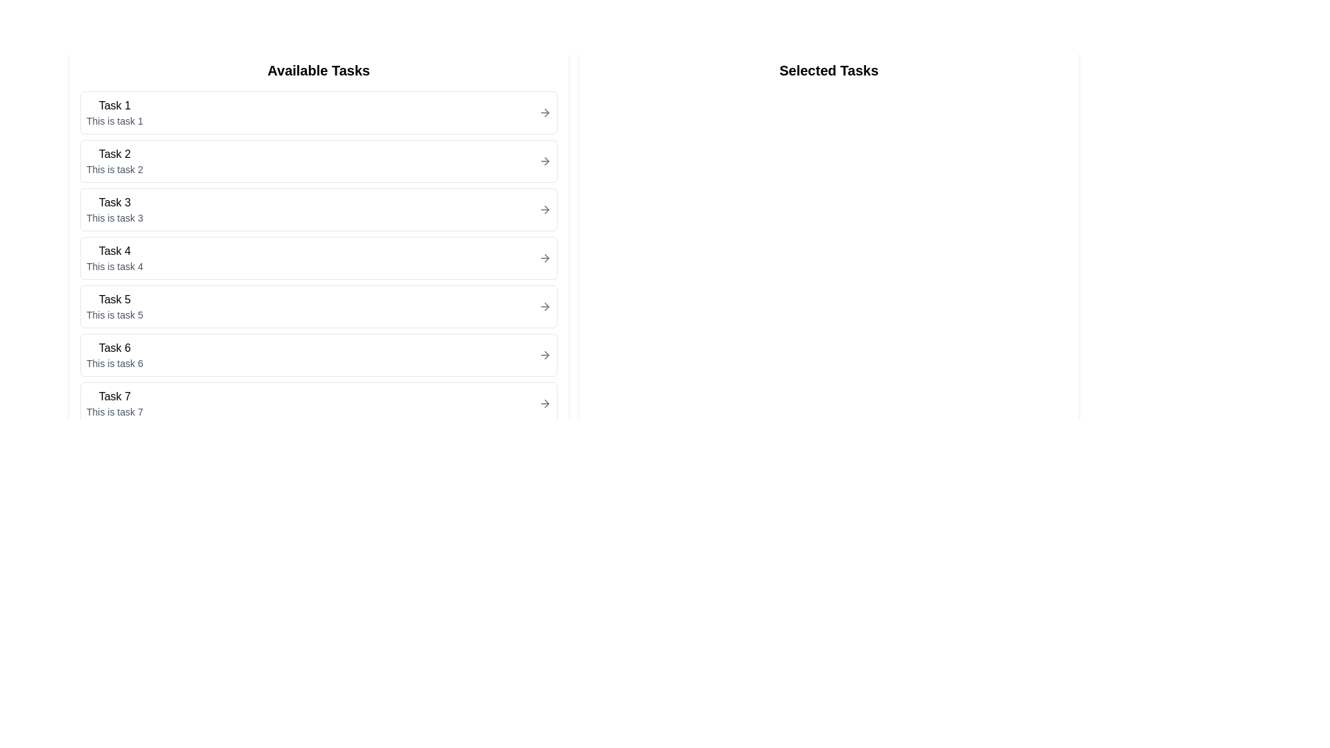 This screenshot has height=748, width=1330. What do you see at coordinates (114, 315) in the screenshot?
I see `the text label that provides a description or subheading for 'Task 5', which is positioned below the title 'Task 5' in the 'Available Tasks' section` at bounding box center [114, 315].